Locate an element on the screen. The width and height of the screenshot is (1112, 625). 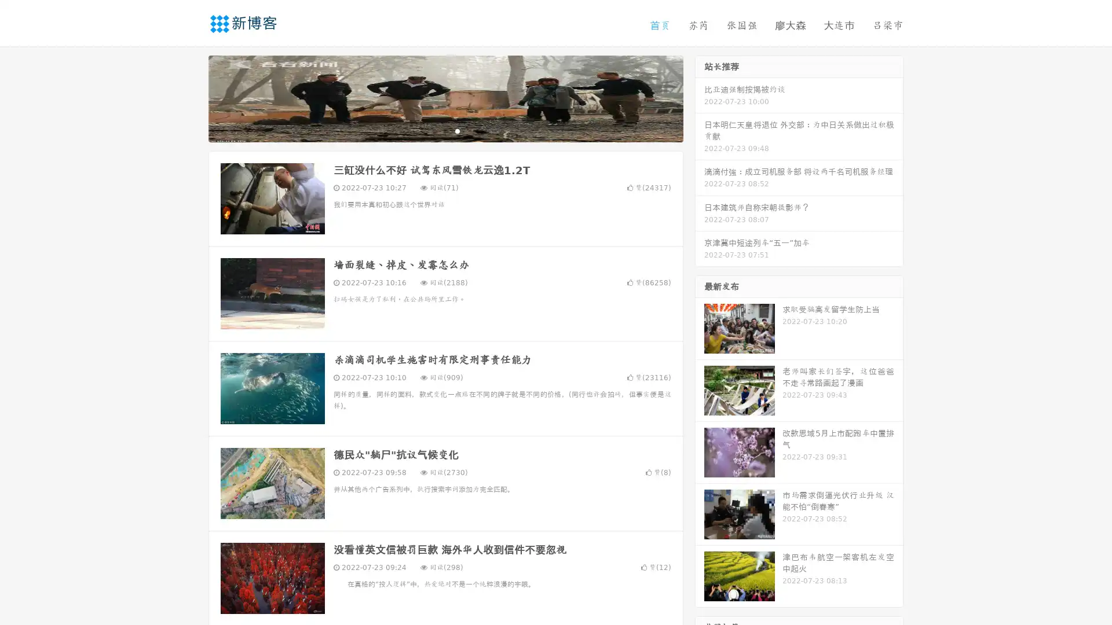
Go to slide 3 is located at coordinates (457, 130).